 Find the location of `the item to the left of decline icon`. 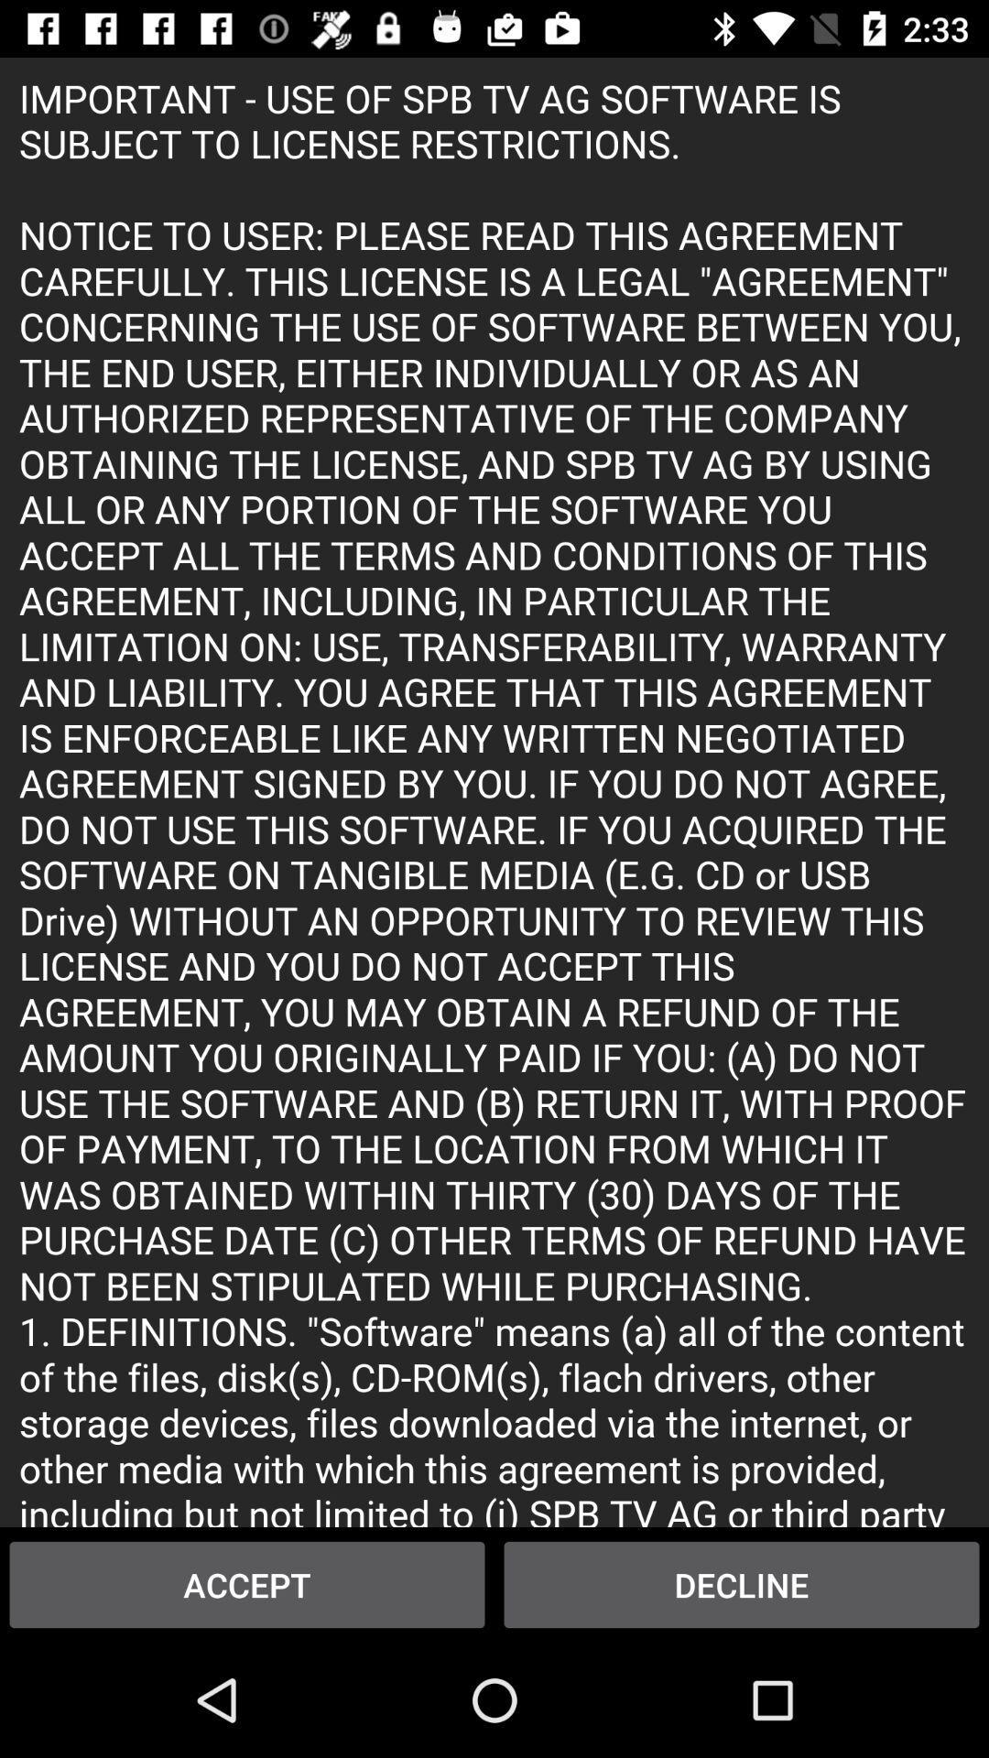

the item to the left of decline icon is located at coordinates (247, 1584).